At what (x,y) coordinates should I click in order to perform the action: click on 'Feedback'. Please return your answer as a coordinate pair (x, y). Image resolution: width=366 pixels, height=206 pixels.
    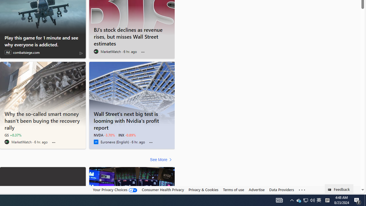
    Looking at the image, I should click on (339, 189).